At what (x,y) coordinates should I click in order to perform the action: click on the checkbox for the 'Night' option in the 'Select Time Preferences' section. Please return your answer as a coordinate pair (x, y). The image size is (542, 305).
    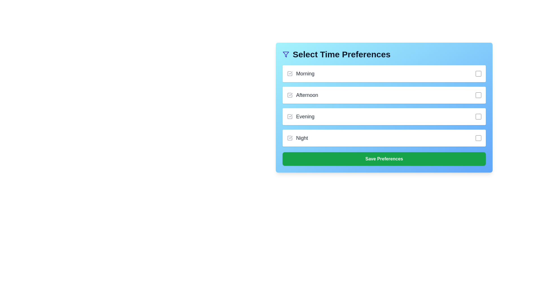
    Looking at the image, I should click on (290, 138).